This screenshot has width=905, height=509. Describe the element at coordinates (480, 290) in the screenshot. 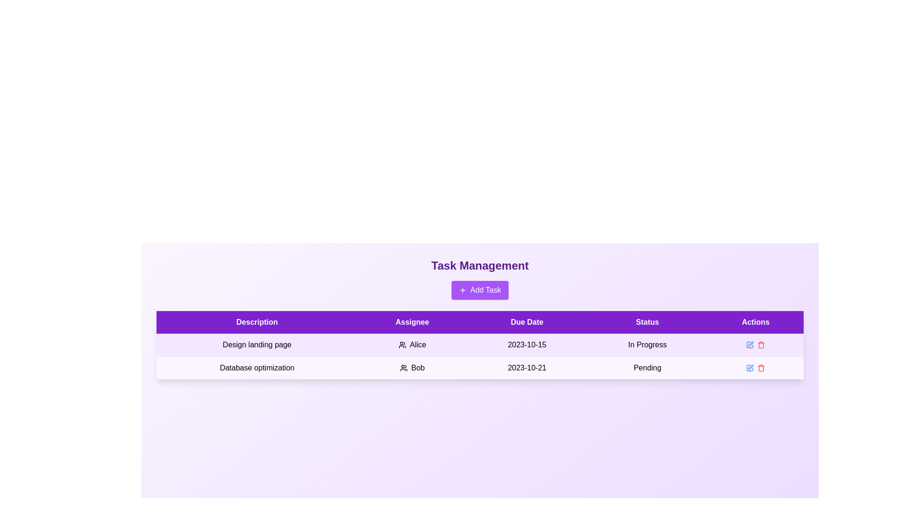

I see `the task creation button located below the 'Task Management' heading` at that location.